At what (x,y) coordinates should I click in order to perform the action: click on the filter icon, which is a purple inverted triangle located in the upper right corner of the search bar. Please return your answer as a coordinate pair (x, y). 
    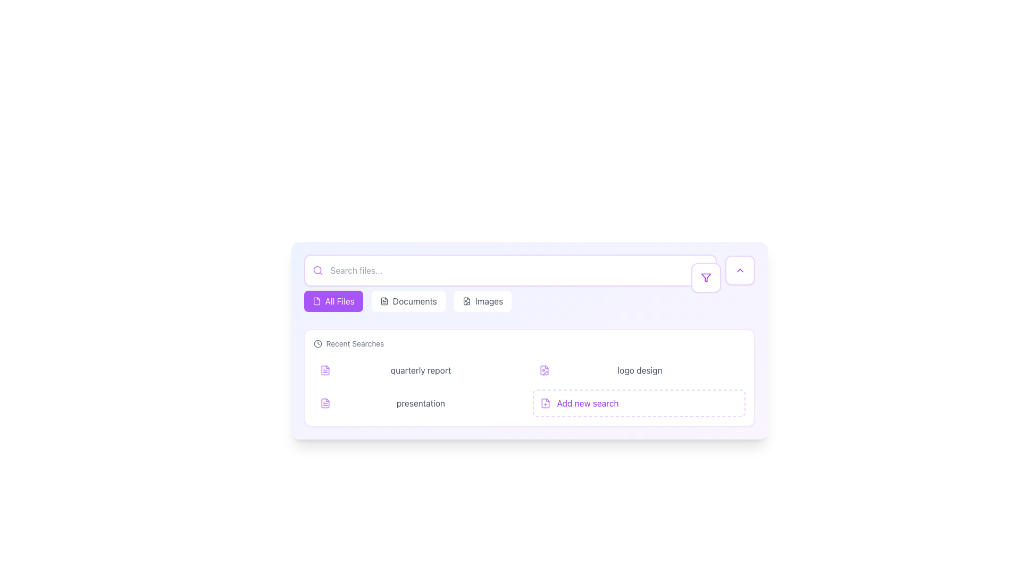
    Looking at the image, I should click on (706, 277).